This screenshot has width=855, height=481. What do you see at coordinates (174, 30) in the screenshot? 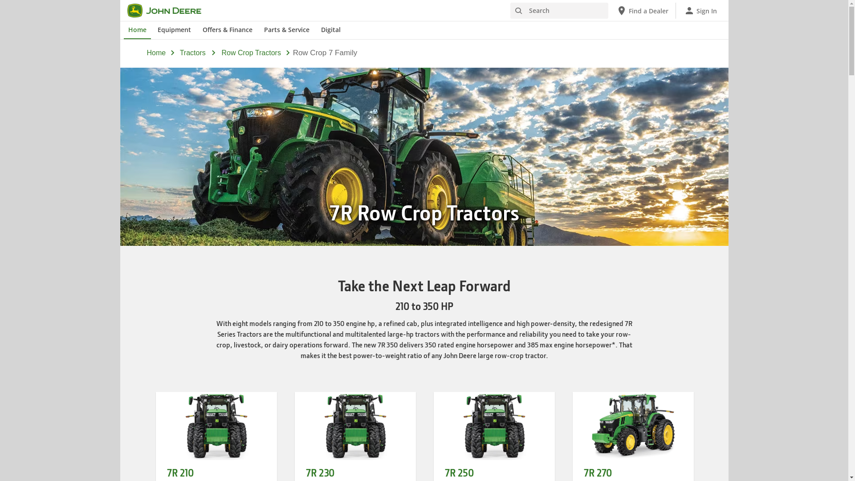
I see `'Equipment'` at bounding box center [174, 30].